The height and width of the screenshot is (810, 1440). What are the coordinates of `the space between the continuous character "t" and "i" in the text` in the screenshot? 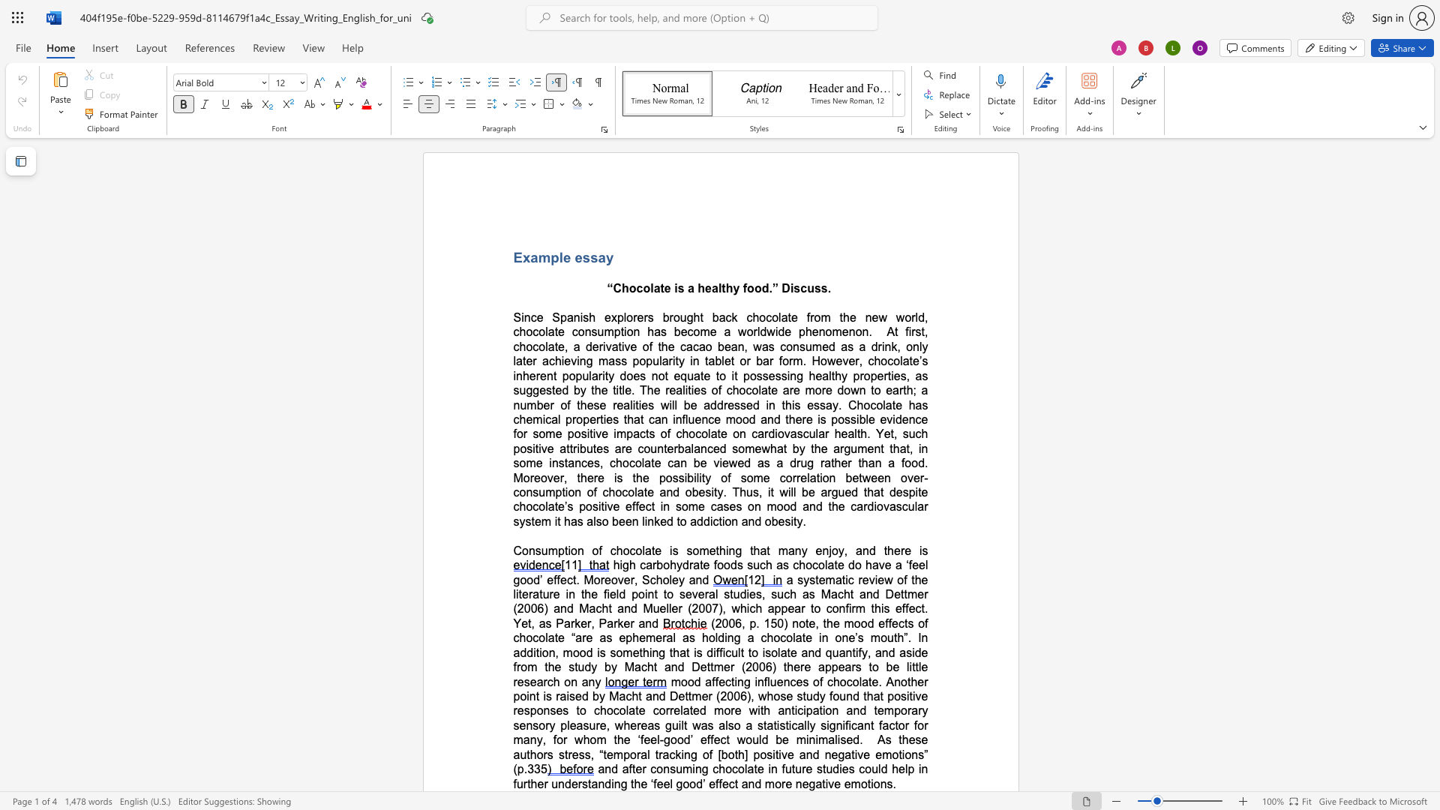 It's located at (721, 520).